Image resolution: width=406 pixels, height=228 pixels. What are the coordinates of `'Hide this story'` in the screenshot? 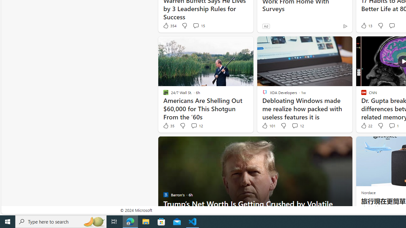 It's located at (333, 144).